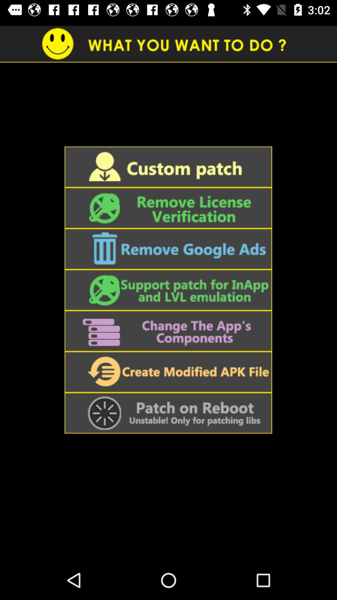 The image size is (337, 600). What do you see at coordinates (168, 413) in the screenshot?
I see `patch on reboot button` at bounding box center [168, 413].